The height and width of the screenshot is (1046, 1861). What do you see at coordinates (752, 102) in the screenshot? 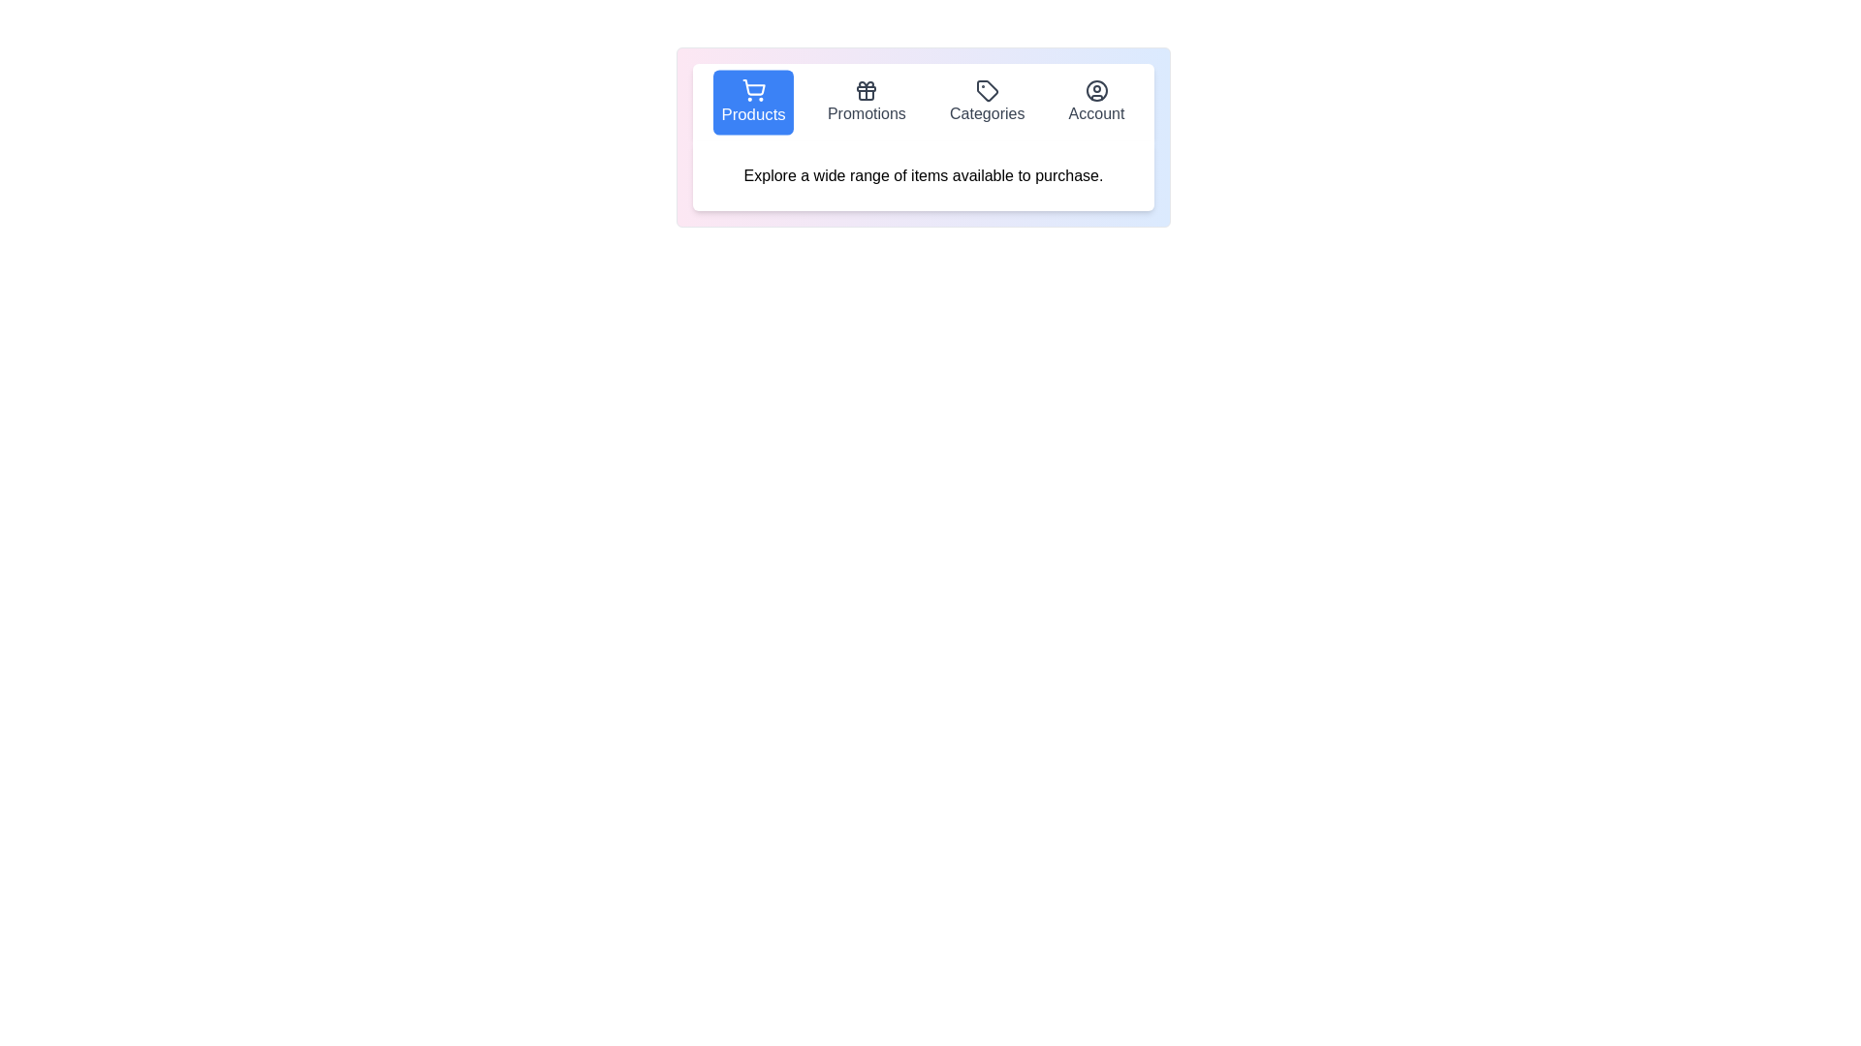
I see `the tab labeled Products to select it` at bounding box center [752, 102].